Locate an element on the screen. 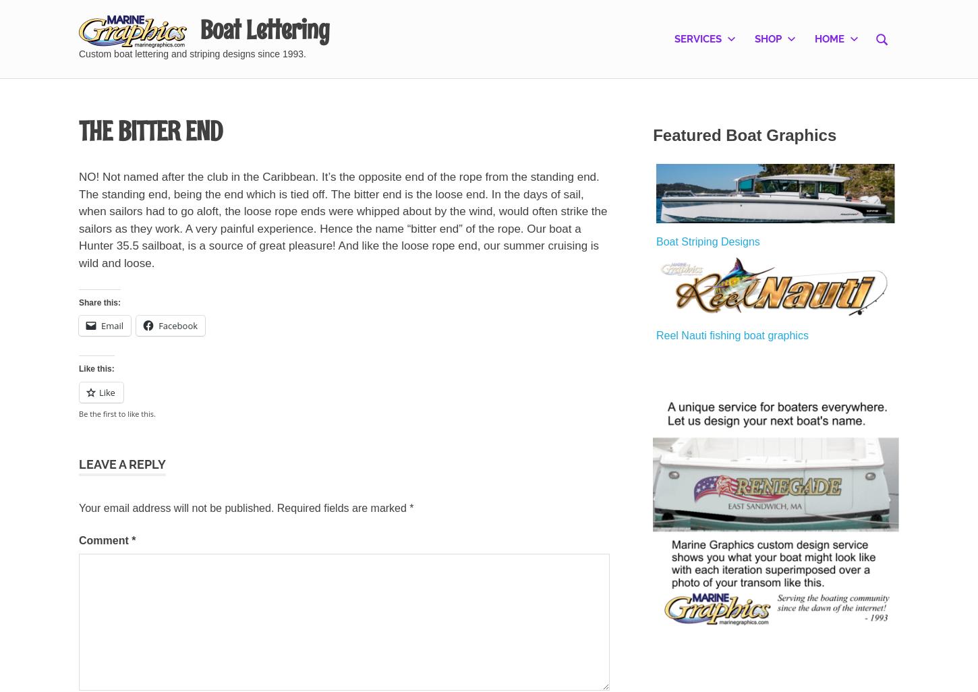  'Boat Lettering' is located at coordinates (200, 30).